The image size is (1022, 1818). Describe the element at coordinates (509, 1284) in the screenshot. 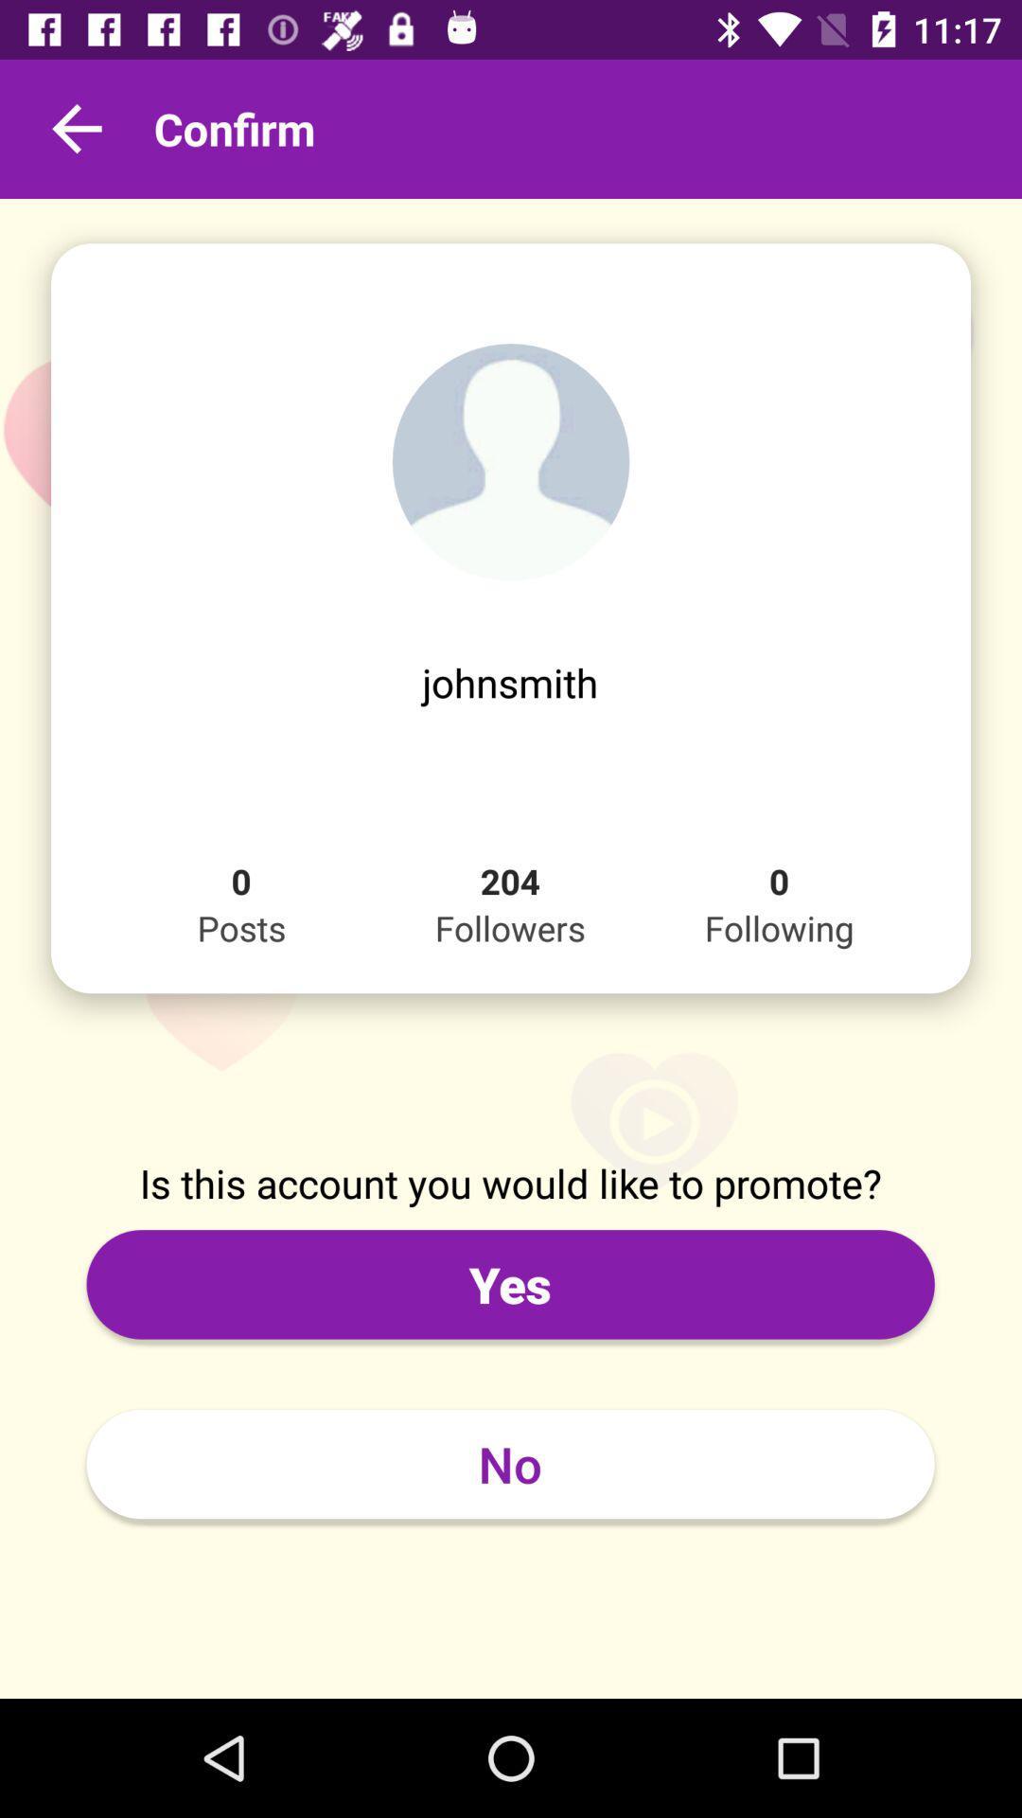

I see `item above no item` at that location.